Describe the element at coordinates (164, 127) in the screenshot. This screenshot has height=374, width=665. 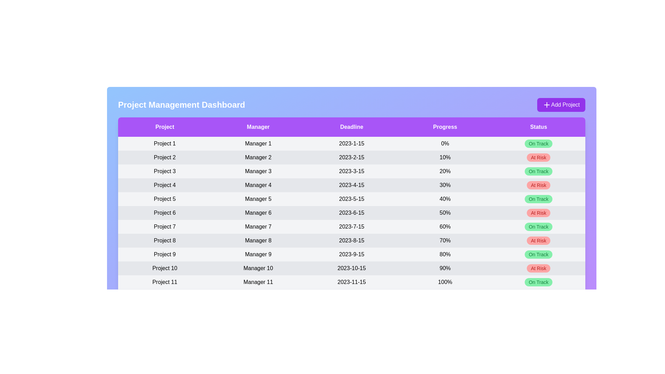
I see `the column header labeled Project to sort the table by that column` at that location.